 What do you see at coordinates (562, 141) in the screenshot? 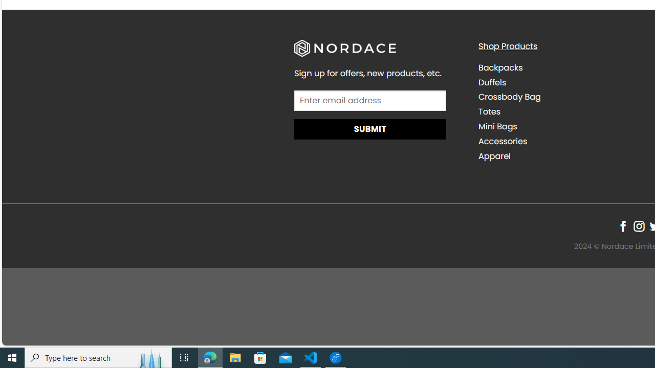
I see `'Accessories'` at bounding box center [562, 141].